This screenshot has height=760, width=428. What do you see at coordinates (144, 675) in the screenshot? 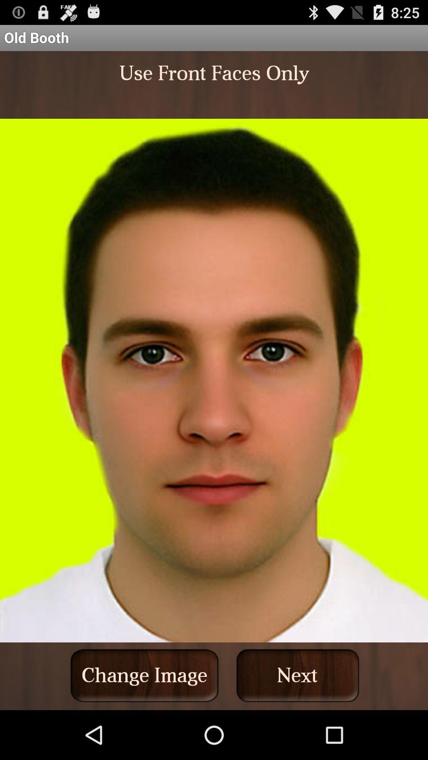
I see `the app below use front faces` at bounding box center [144, 675].